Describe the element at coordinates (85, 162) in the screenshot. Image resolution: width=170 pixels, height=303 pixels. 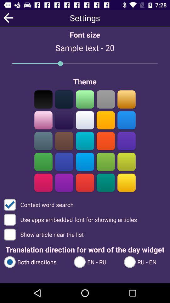
I see `this colour option` at that location.